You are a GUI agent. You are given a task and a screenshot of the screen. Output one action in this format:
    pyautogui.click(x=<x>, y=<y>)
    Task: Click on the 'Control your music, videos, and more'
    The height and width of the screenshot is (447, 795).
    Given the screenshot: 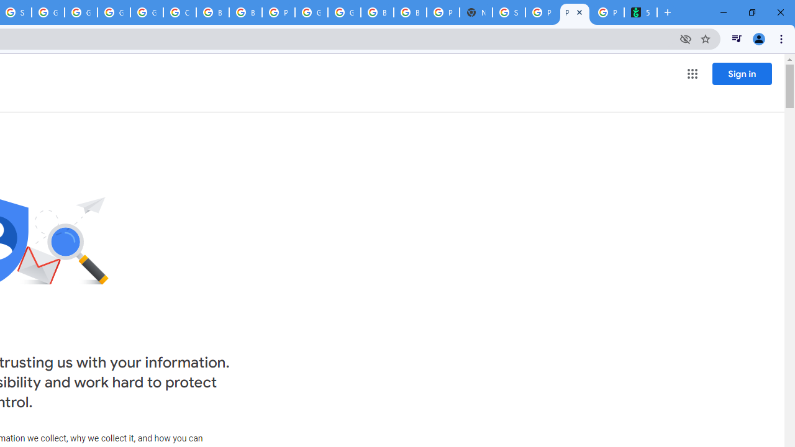 What is the action you would take?
    pyautogui.click(x=736, y=38)
    